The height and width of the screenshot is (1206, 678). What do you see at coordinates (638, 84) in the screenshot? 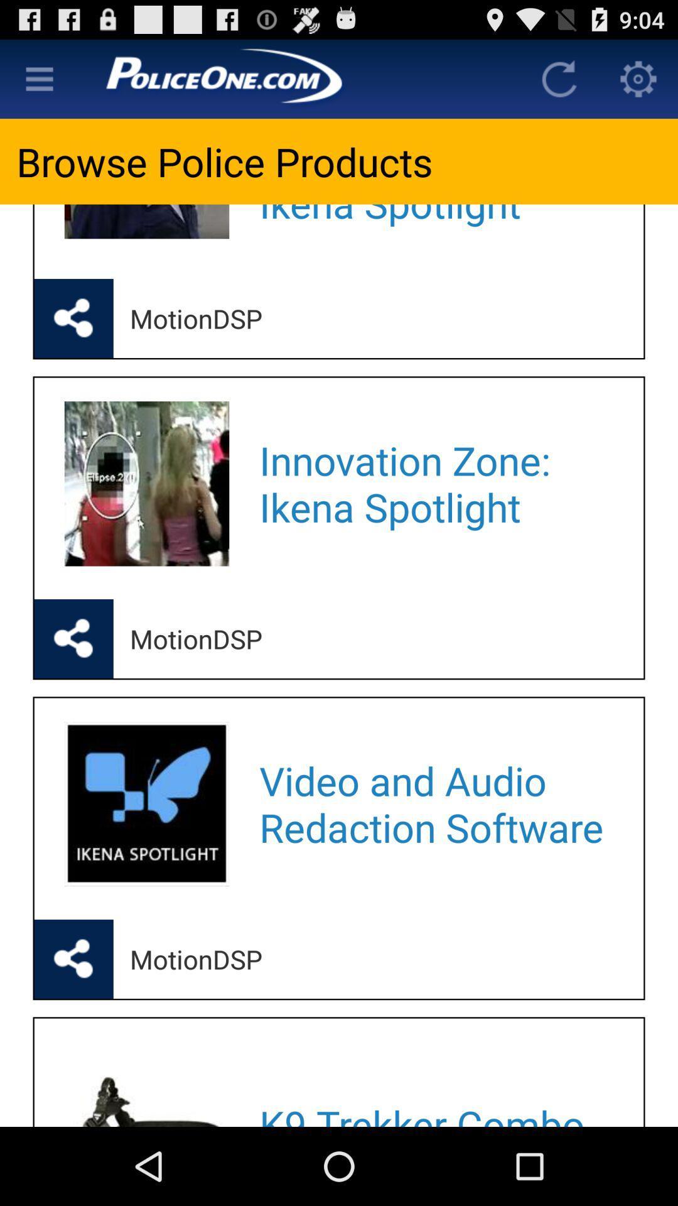
I see `the settings icon` at bounding box center [638, 84].